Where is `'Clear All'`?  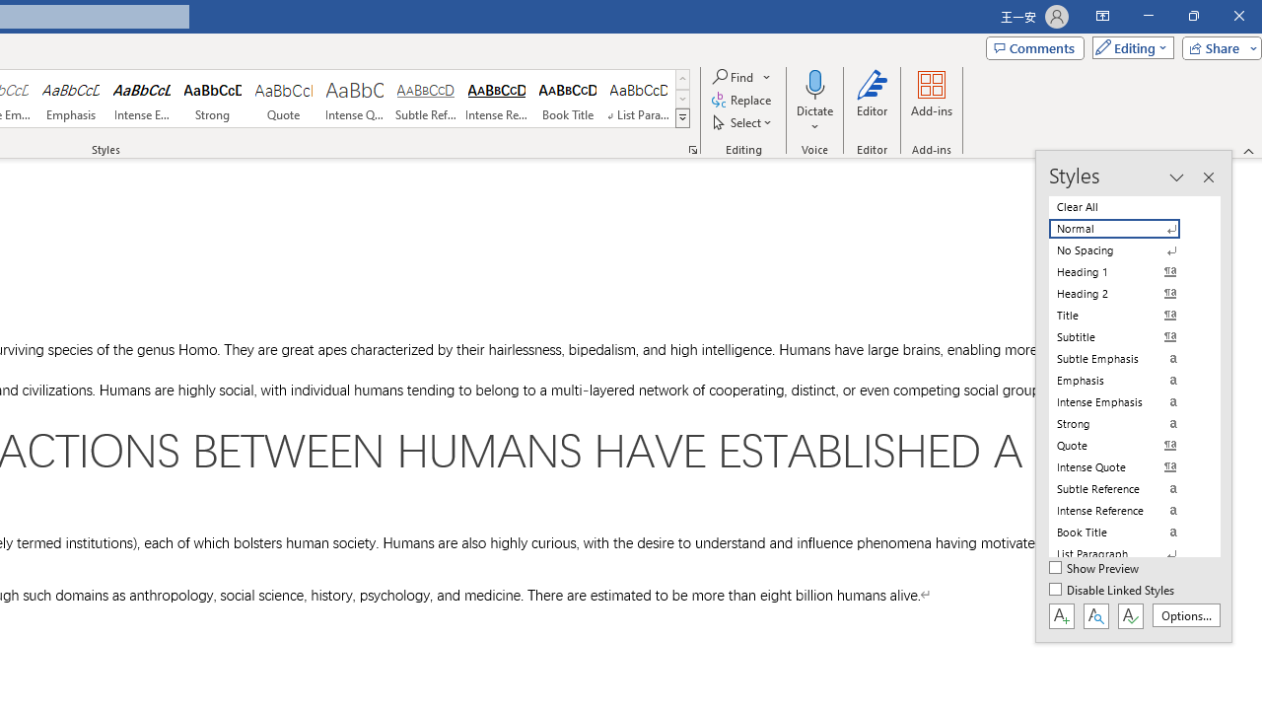
'Clear All' is located at coordinates (1126, 206).